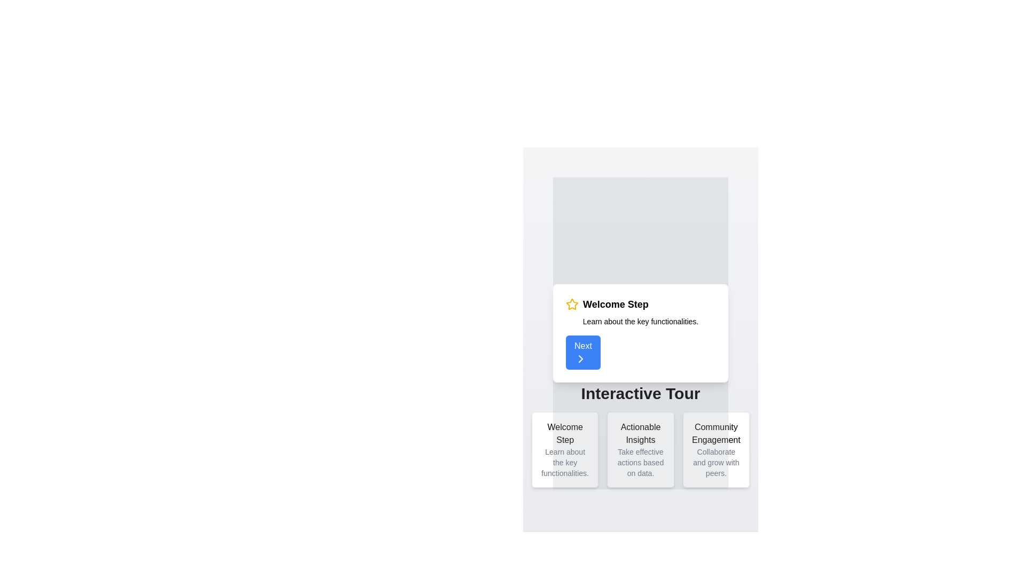  I want to click on the blue rectangular button with rounded edges labeled 'Next' to observe the hover effect that darkens its background, indicating interactivity, so click(582, 352).